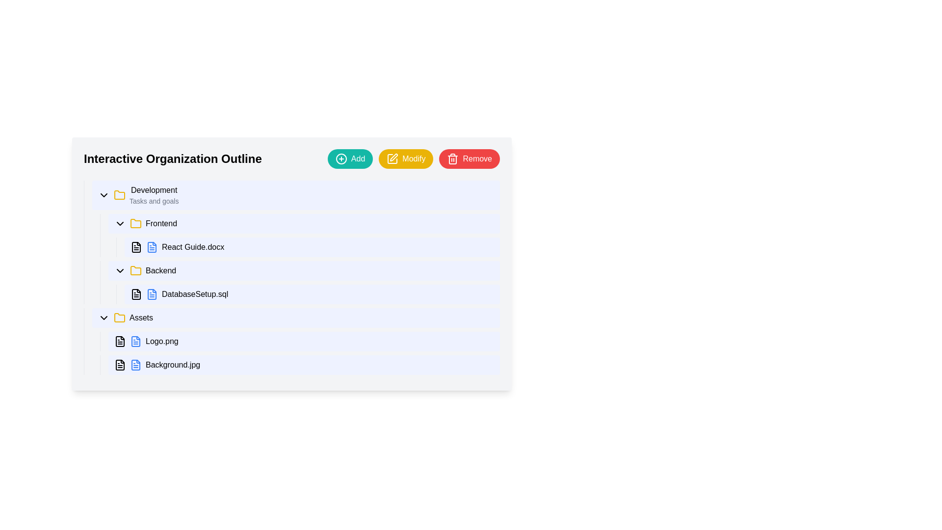  I want to click on the list item representing the file 'React Guide.docx' located under the 'Frontend' section, so click(308, 247).